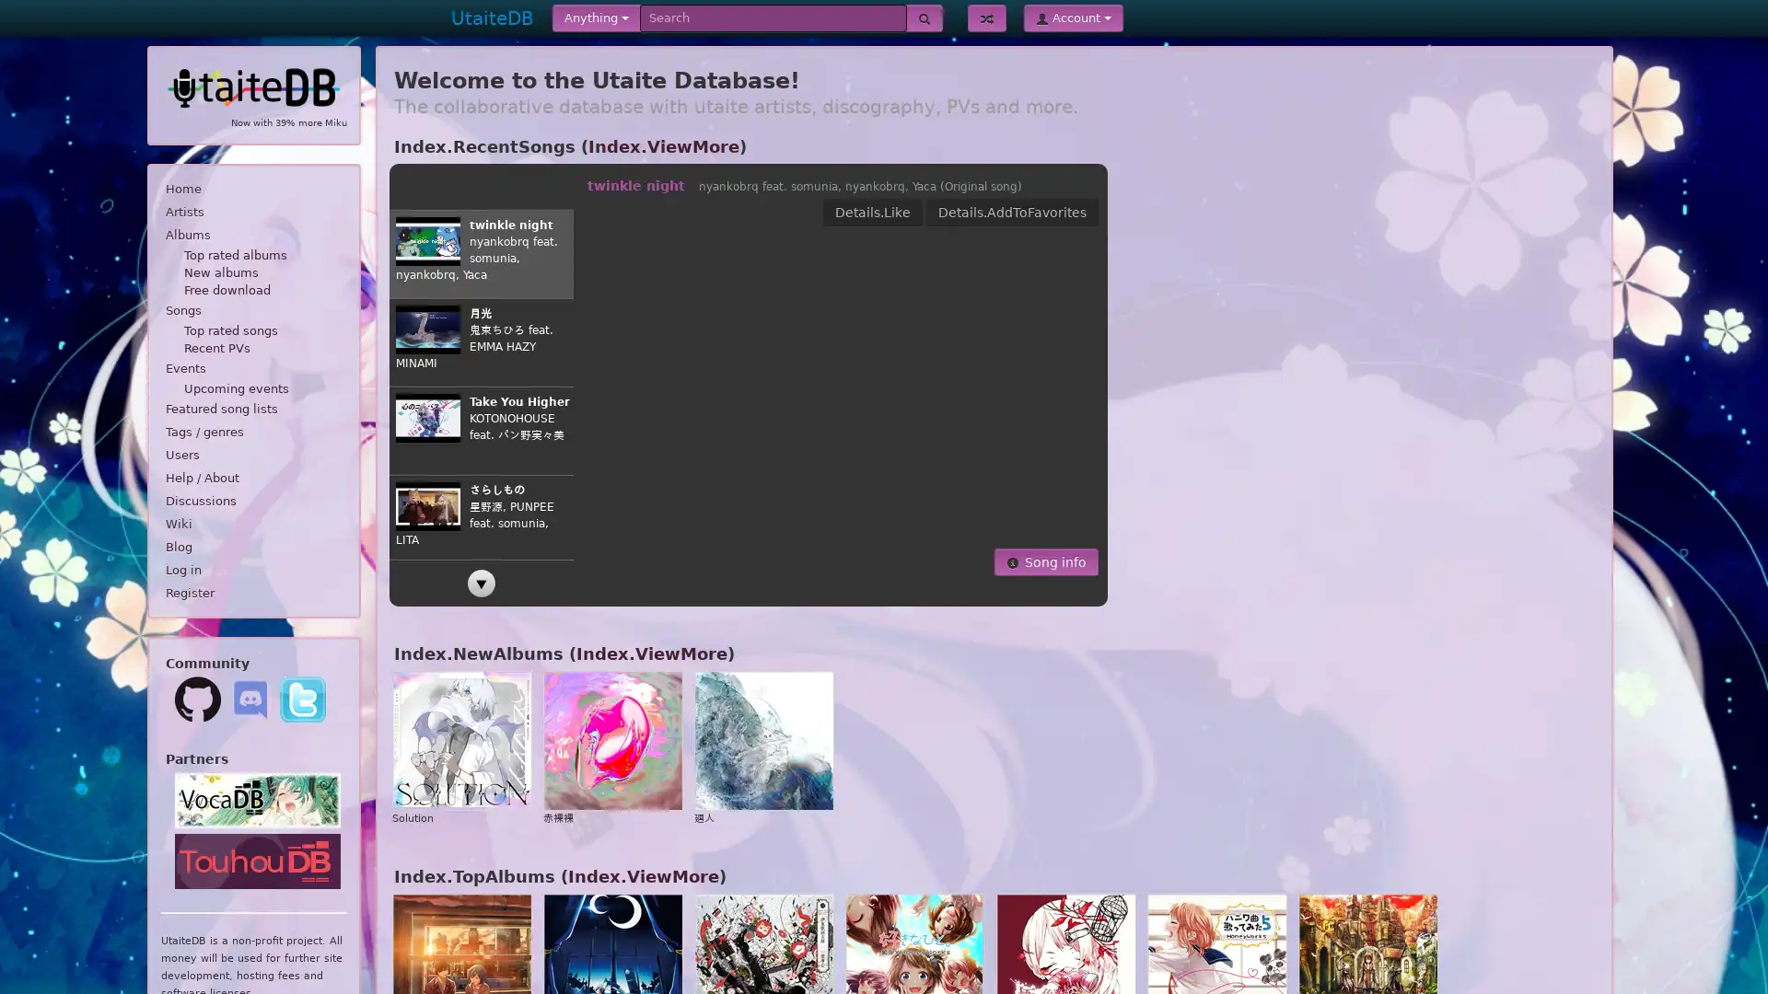 This screenshot has width=1768, height=994. Describe the element at coordinates (1060, 212) in the screenshot. I see `Favorite` at that location.